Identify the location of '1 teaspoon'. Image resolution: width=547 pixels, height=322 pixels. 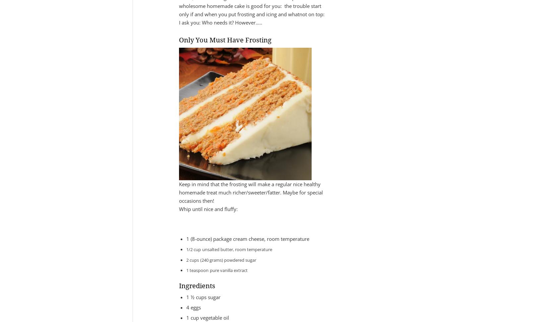
(197, 270).